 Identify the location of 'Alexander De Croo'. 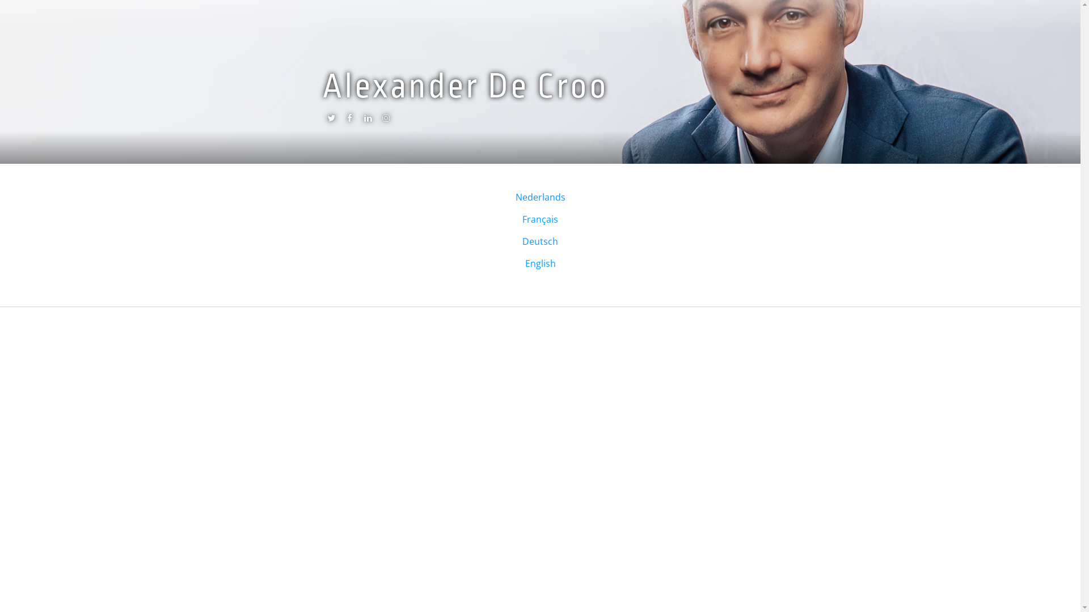
(465, 86).